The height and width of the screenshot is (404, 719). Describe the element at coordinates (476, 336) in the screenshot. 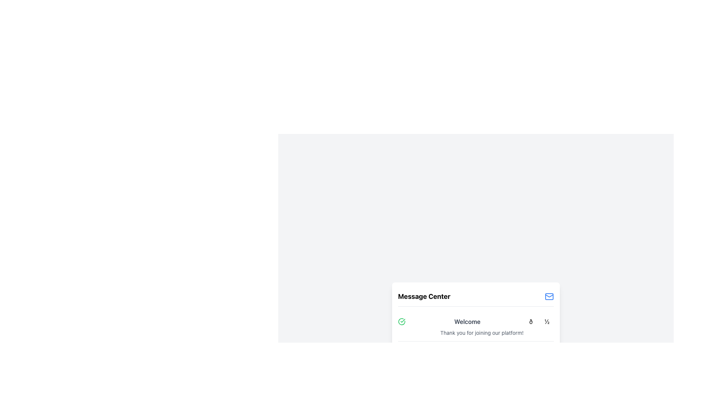

I see `the first informational card in the Message Center, which displays 'Welcome' in bold and 'Thank you for joining our platform!' in regular font` at that location.